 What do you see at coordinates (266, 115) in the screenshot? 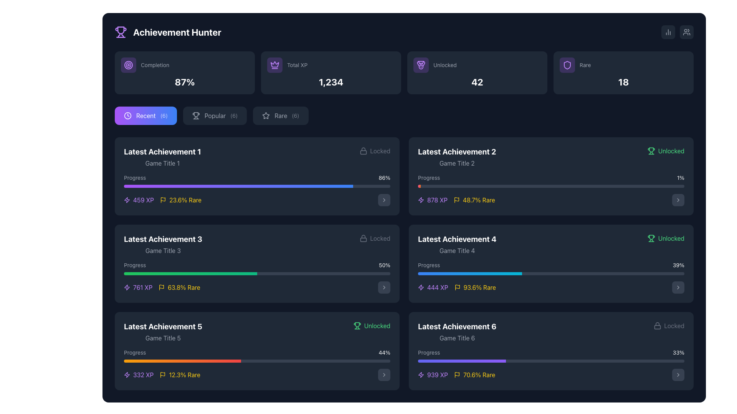
I see `the star icon located in the 'Rare' button of the navigation bar, which is outlined in light gray and has a hollow center` at bounding box center [266, 115].